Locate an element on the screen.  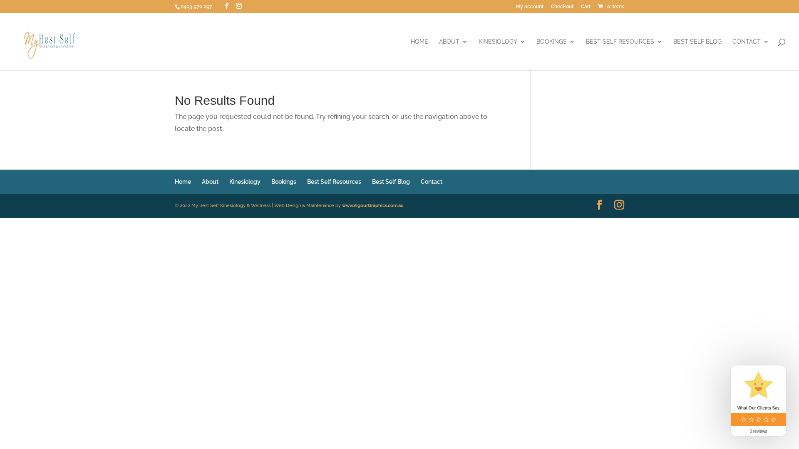
'Checkout' is located at coordinates (562, 8).